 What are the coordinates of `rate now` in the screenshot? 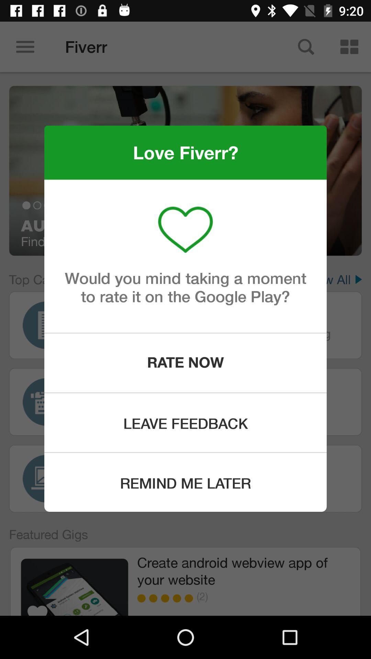 It's located at (185, 362).